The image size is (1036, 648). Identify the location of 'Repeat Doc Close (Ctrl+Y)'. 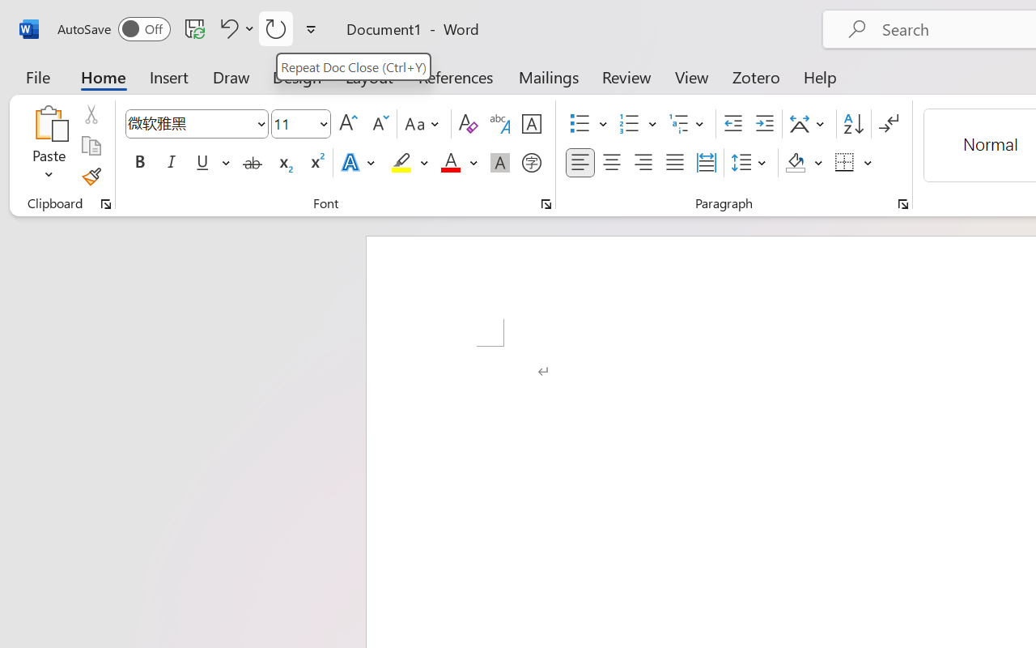
(352, 66).